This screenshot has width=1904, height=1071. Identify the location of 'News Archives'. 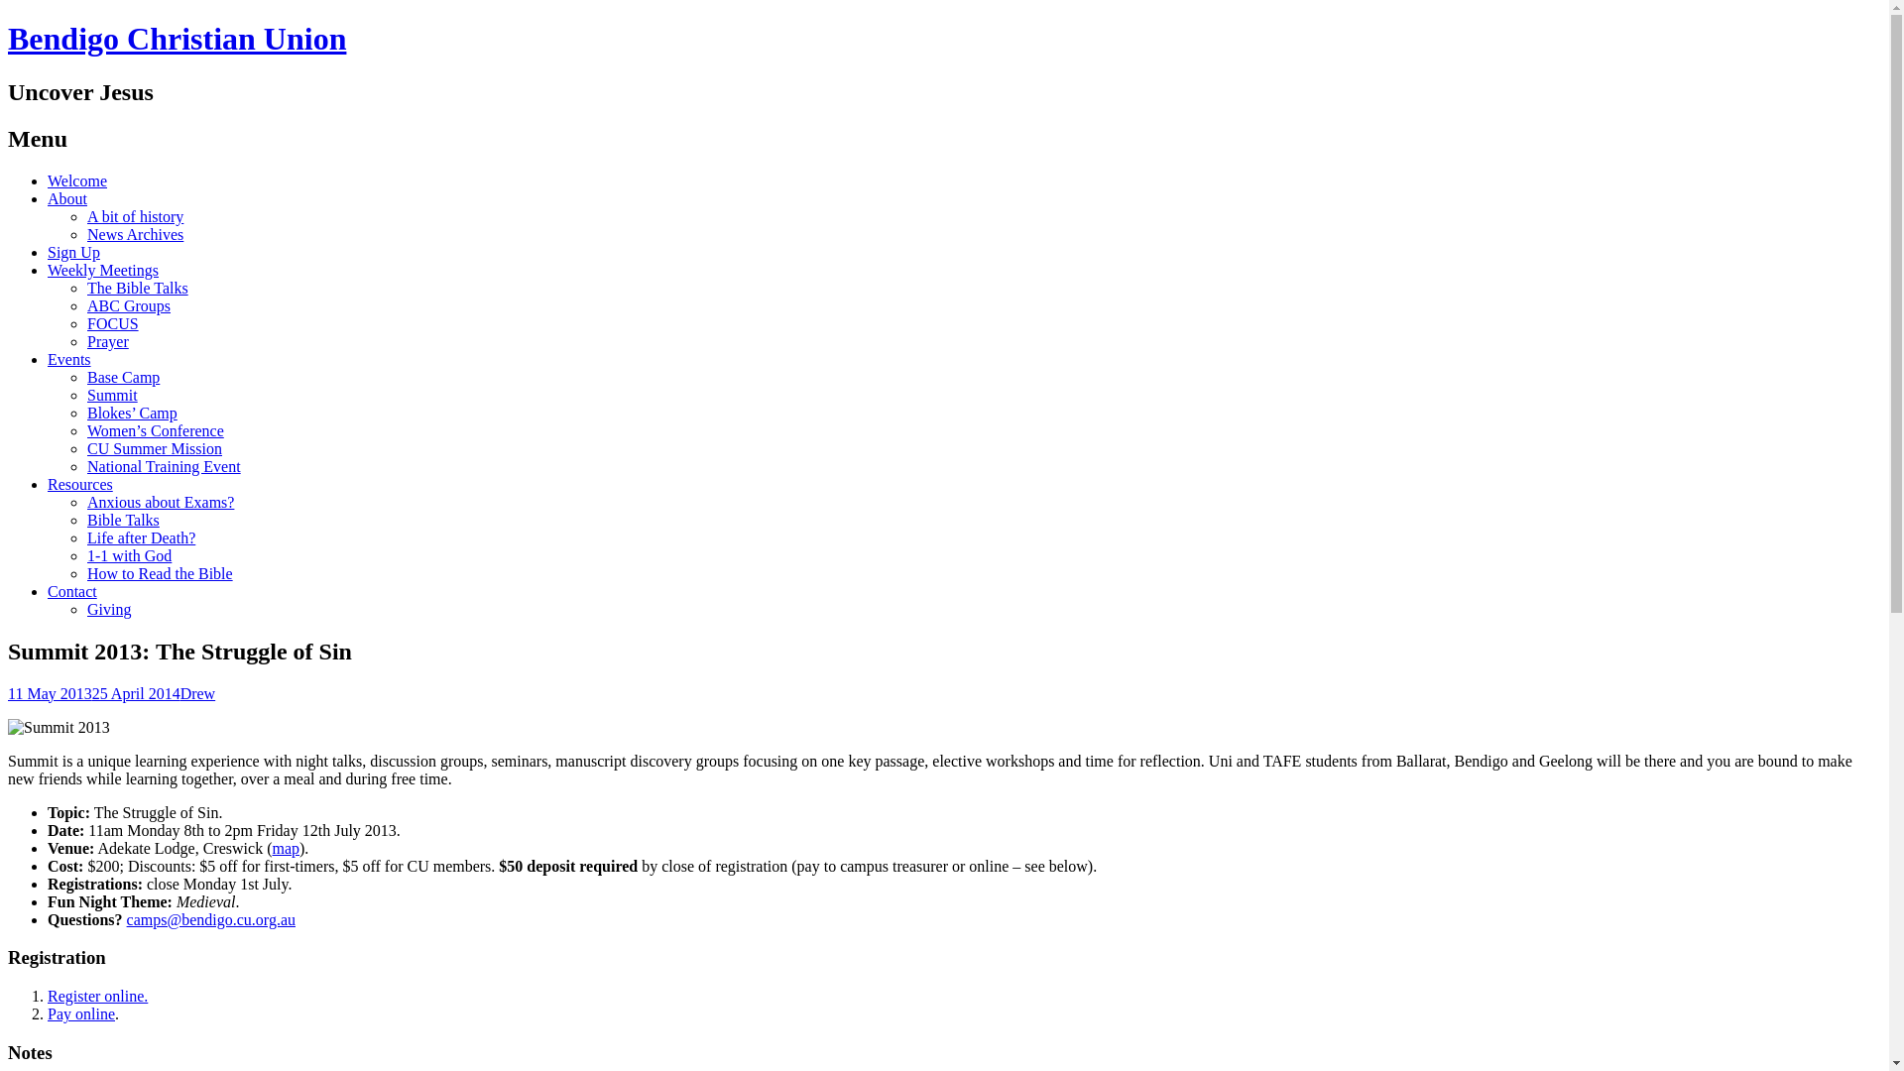
(134, 233).